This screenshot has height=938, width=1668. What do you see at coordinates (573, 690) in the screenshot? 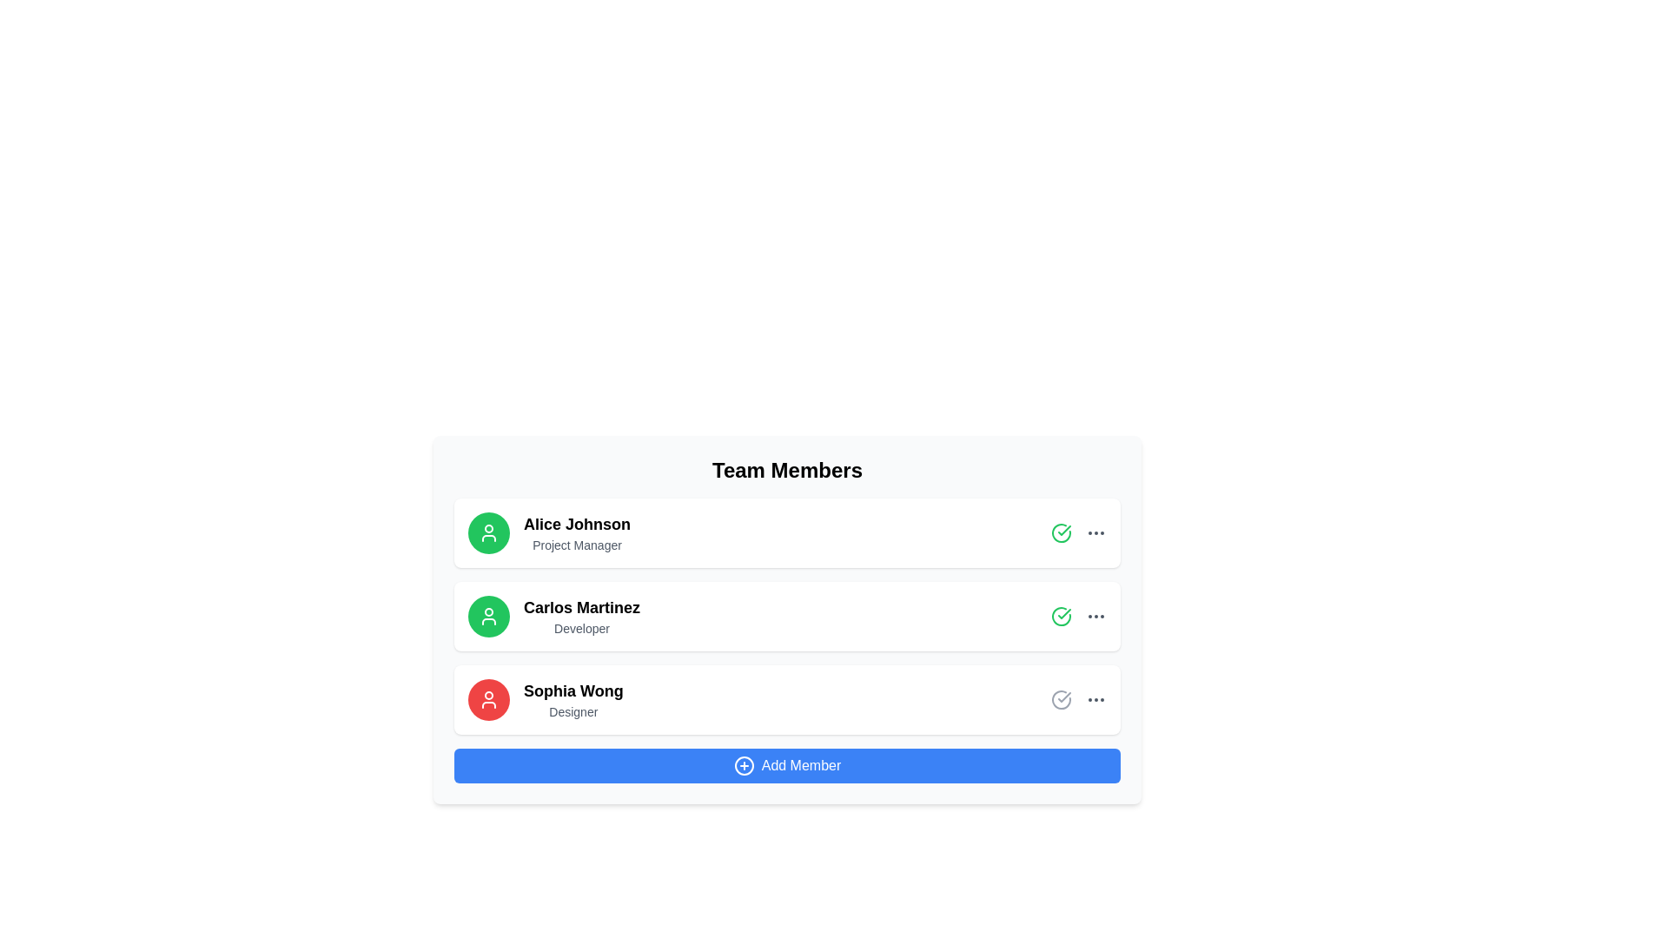
I see `the text label 'Sophia Wong' which is in bold, black font and located at the top of the third user info card in the 'Team Members' section` at bounding box center [573, 690].